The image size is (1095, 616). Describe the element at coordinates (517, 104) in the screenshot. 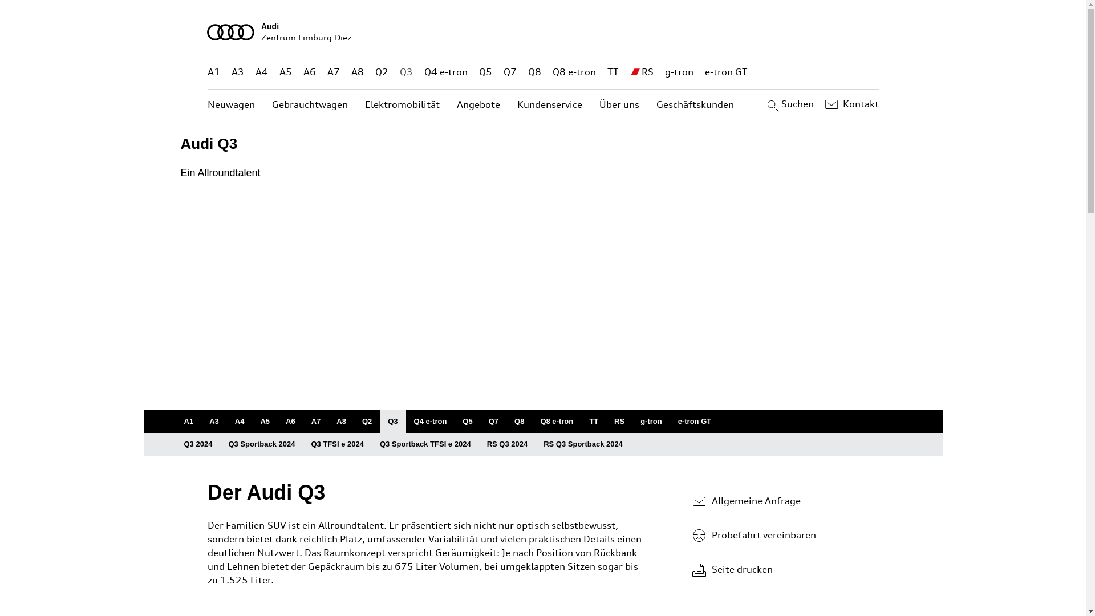

I see `'Kundenservice'` at that location.